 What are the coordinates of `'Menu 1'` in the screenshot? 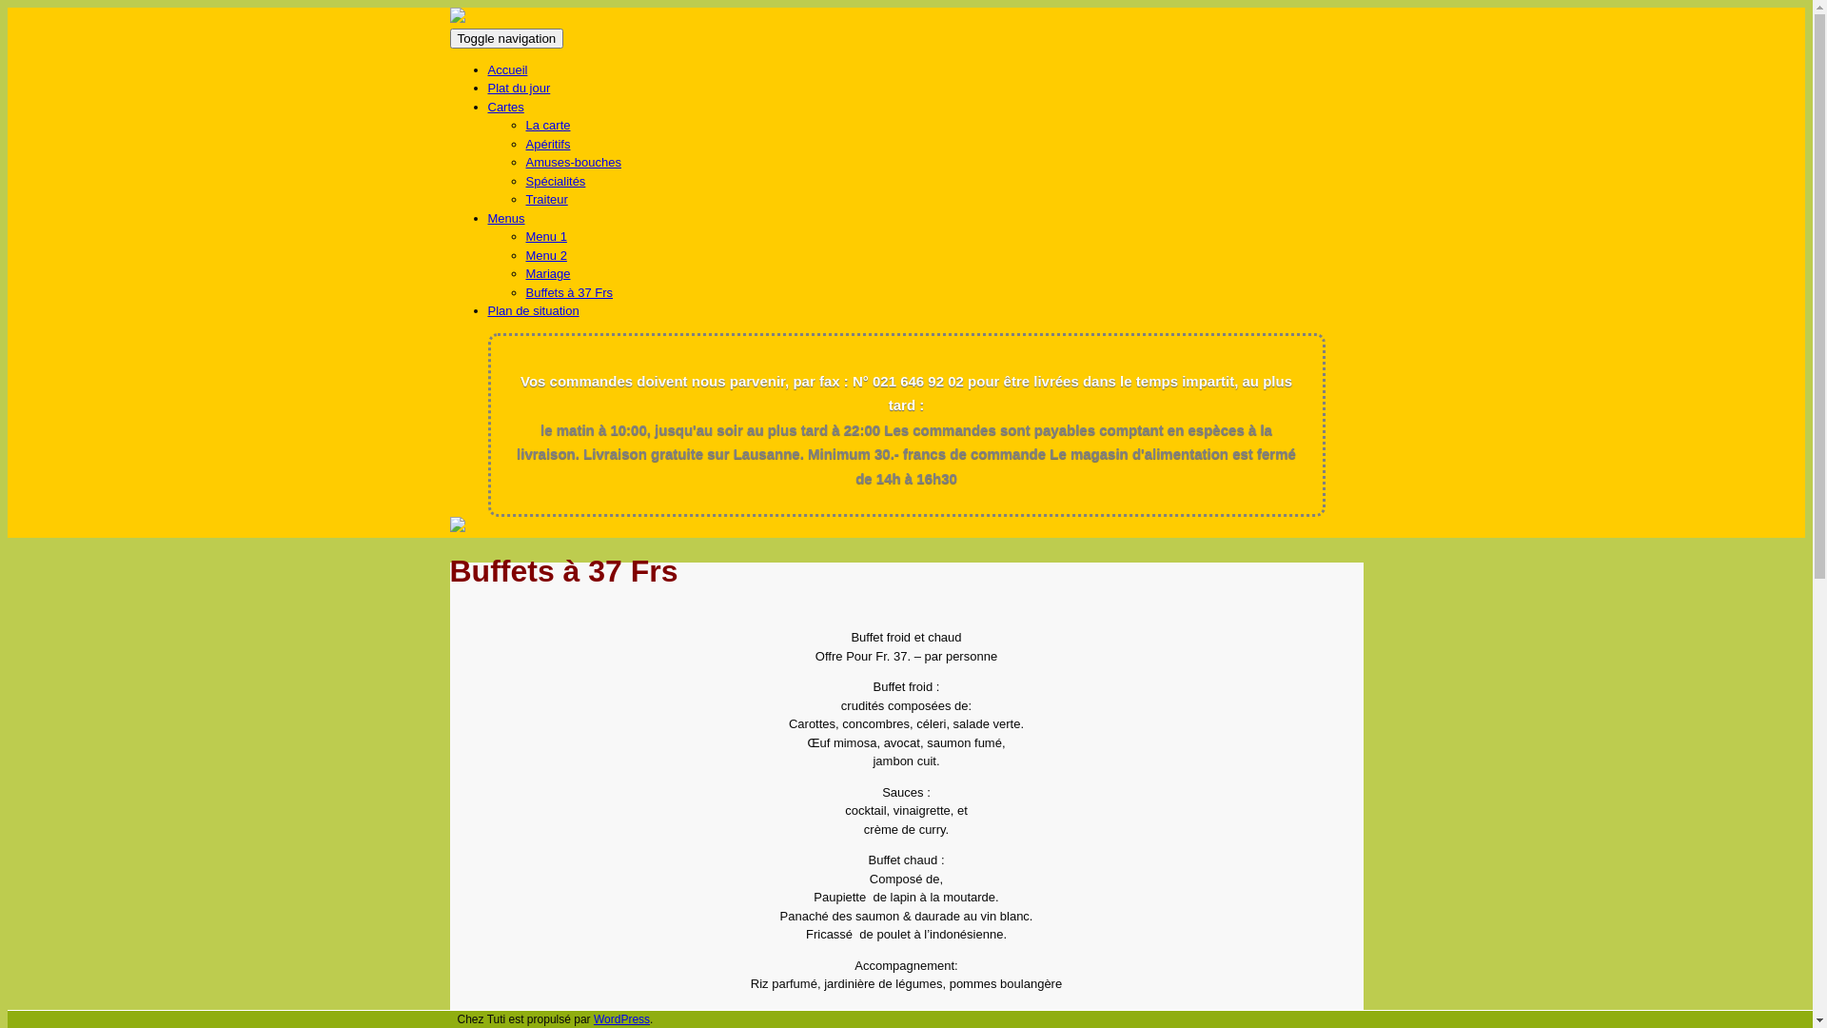 It's located at (544, 235).